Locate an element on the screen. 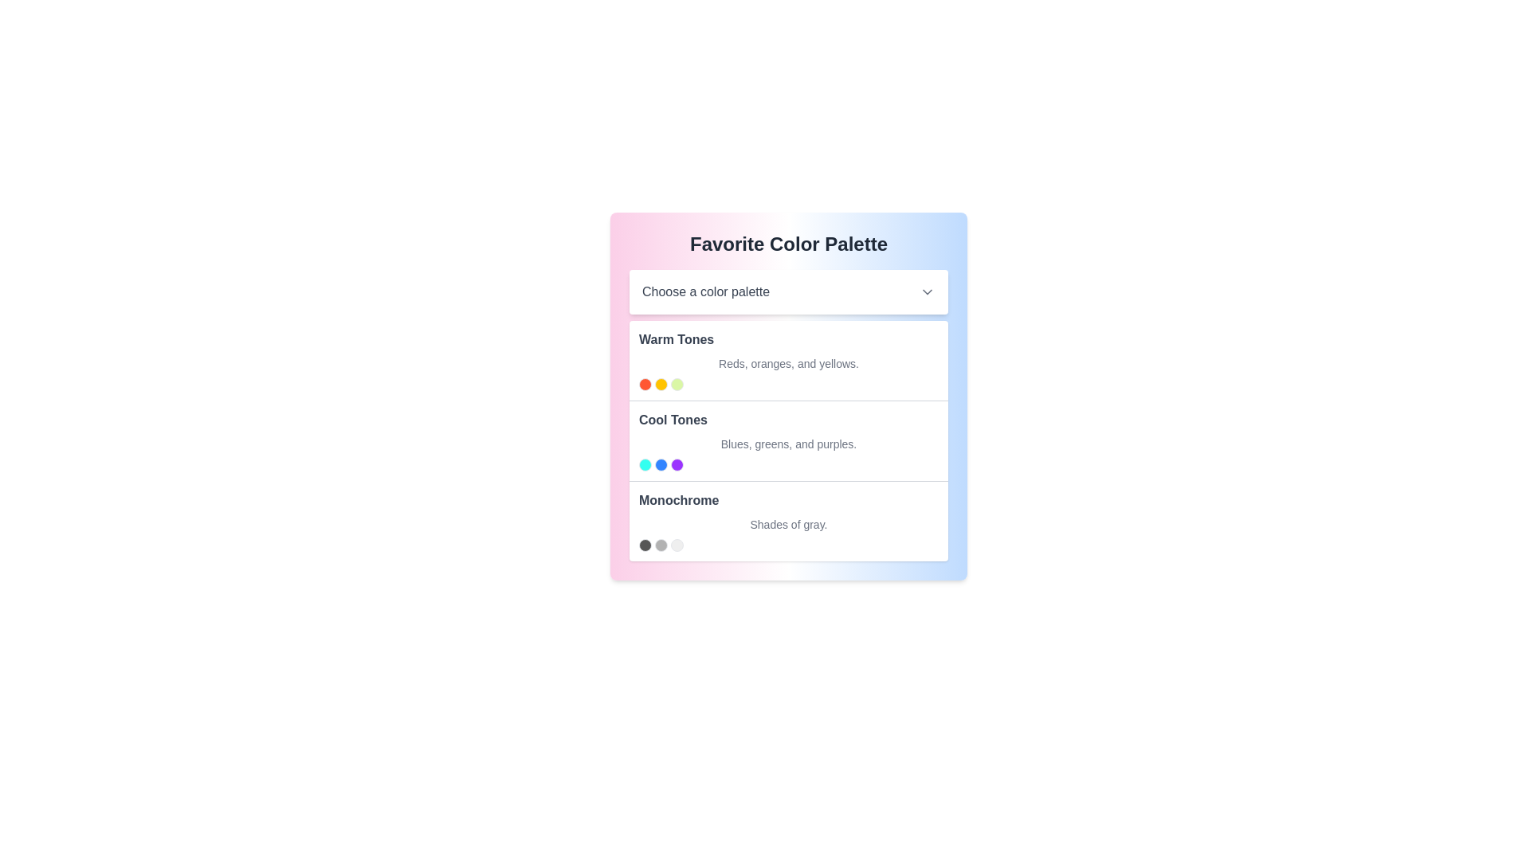 The height and width of the screenshot is (860, 1530). the second circular button in the 'Cool Tones' section is located at coordinates (661, 464).